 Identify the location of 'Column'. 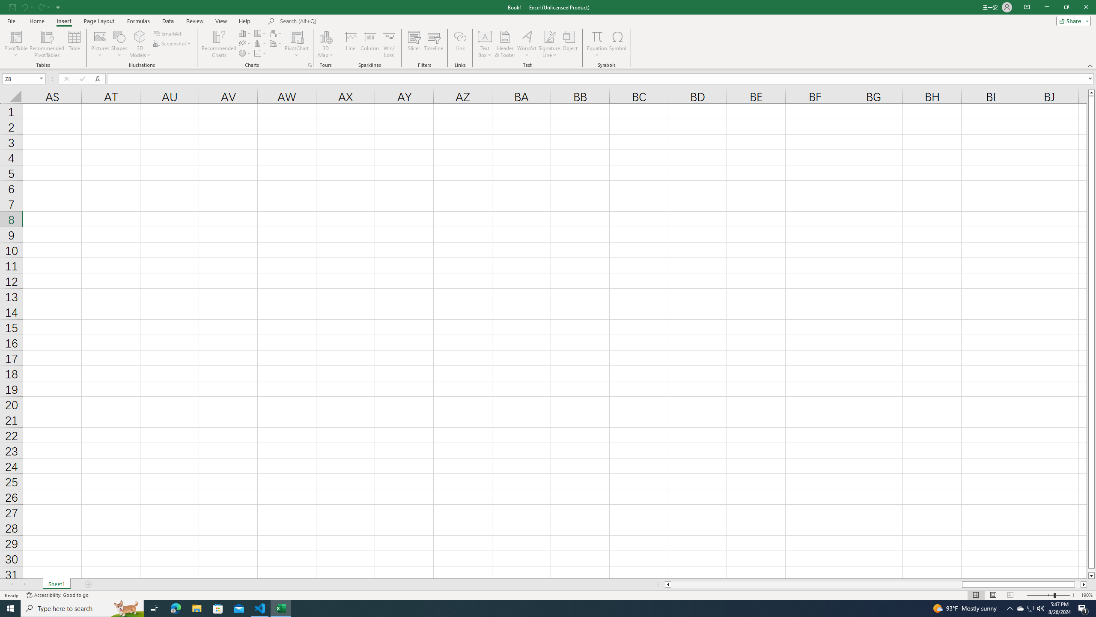
(370, 44).